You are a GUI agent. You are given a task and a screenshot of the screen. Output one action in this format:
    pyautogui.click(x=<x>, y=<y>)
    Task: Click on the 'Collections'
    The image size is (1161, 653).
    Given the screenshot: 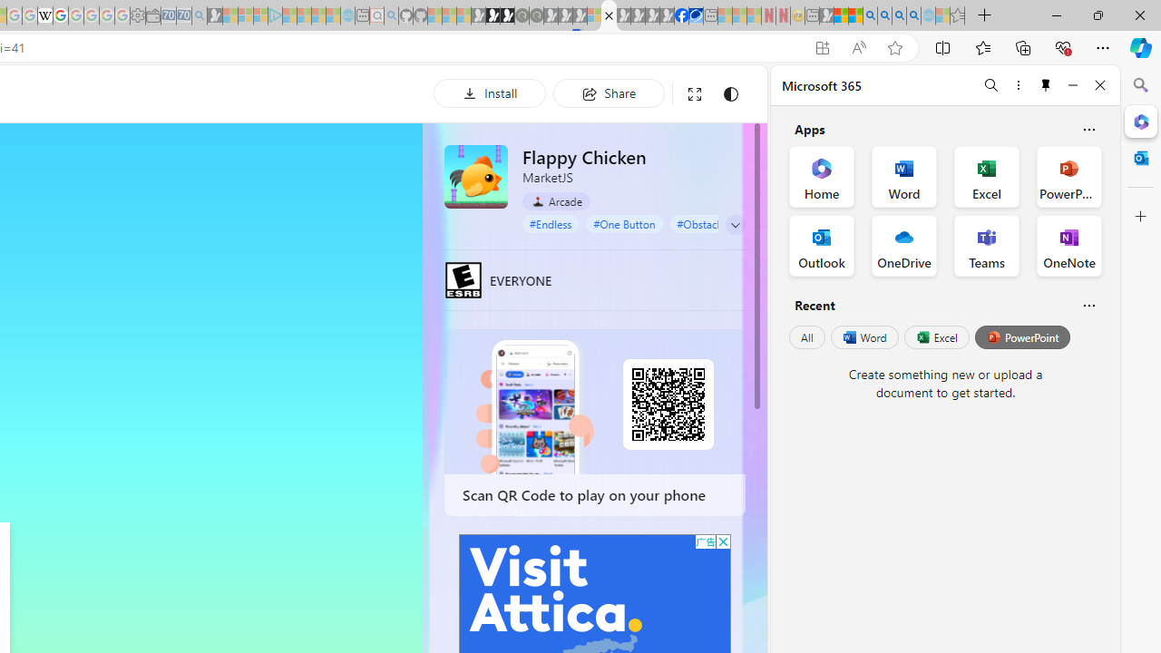 What is the action you would take?
    pyautogui.click(x=1023, y=46)
    